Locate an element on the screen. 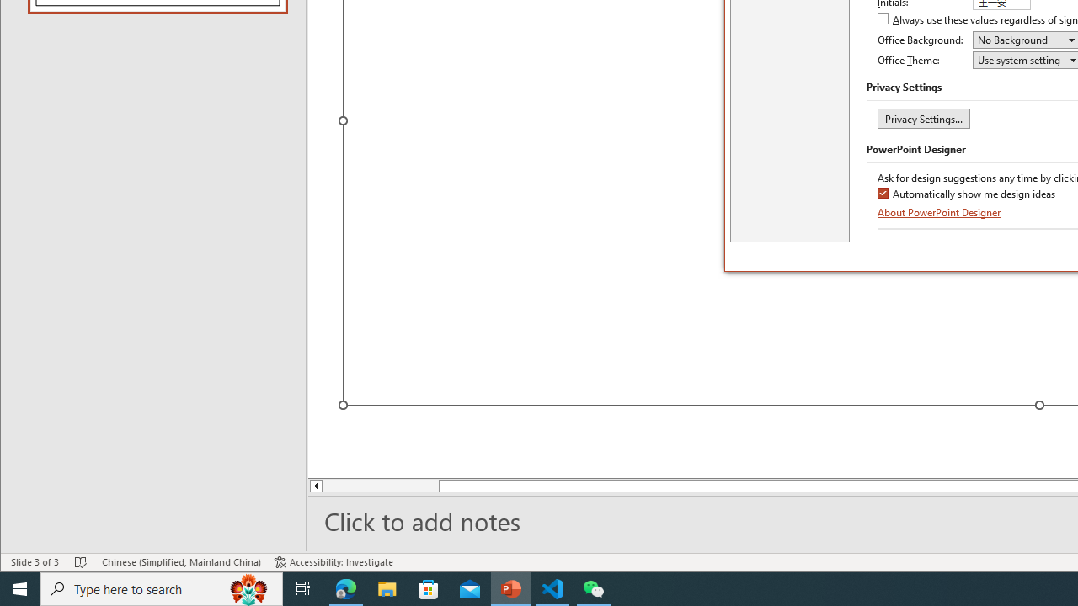 Image resolution: width=1078 pixels, height=606 pixels. 'About PowerPoint Designer' is located at coordinates (939, 211).